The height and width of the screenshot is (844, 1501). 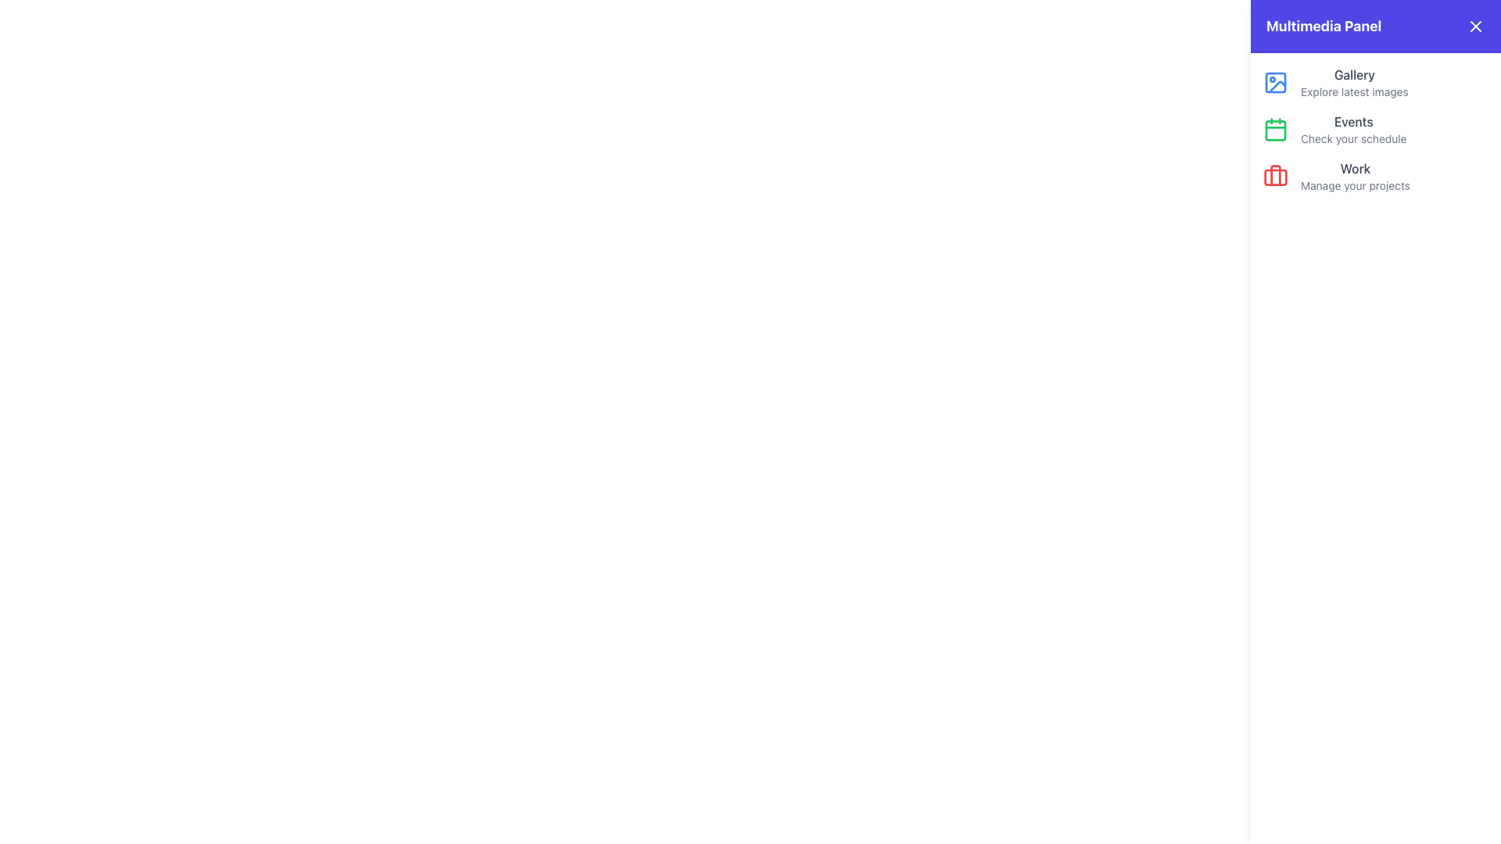 What do you see at coordinates (1353, 75) in the screenshot?
I see `the 'Gallery' menu label located at the top of the Multimedia Panel in the right sidebar, which is the first among three menu options and has the subtext 'Explore latest images.'` at bounding box center [1353, 75].